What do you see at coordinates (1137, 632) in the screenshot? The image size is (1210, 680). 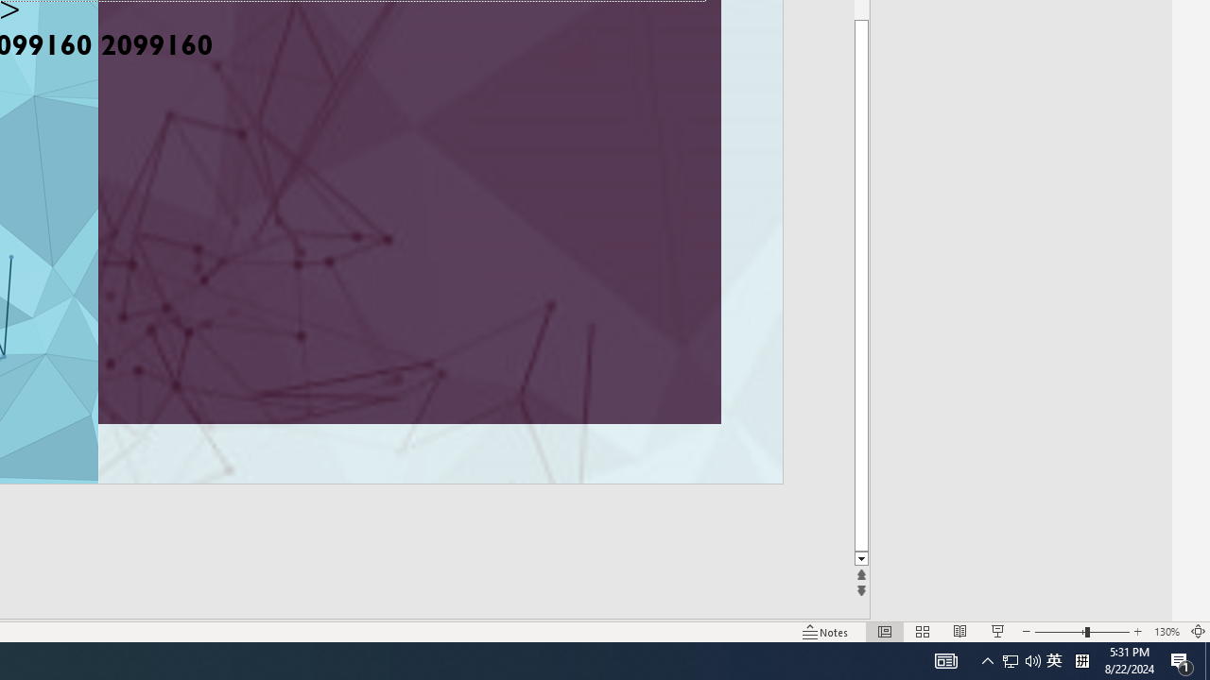 I see `'Zoom In'` at bounding box center [1137, 632].